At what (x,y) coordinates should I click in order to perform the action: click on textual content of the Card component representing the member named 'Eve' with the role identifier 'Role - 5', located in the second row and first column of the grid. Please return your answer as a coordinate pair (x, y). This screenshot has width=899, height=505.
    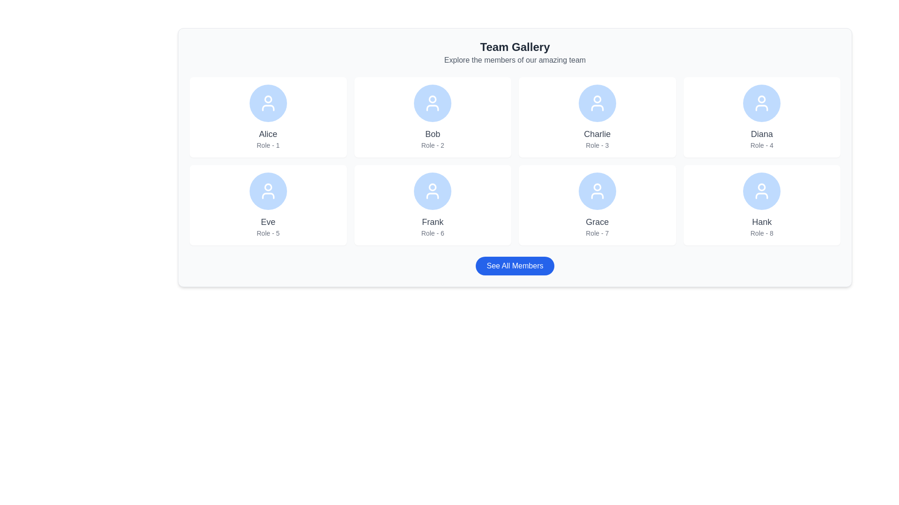
    Looking at the image, I should click on (267, 205).